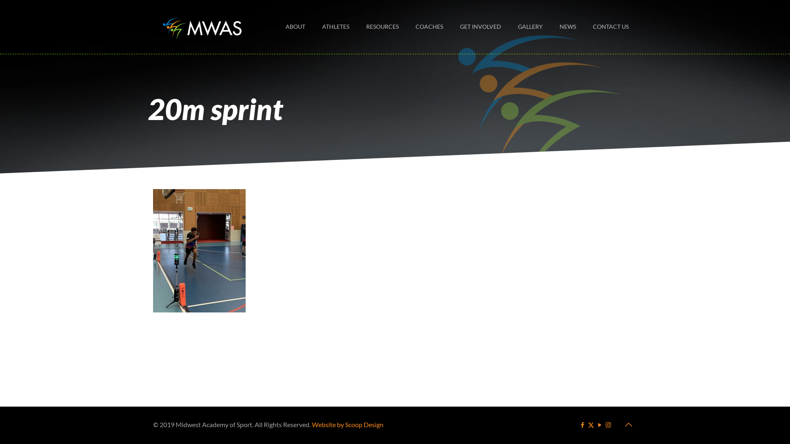 This screenshot has width=790, height=444. What do you see at coordinates (530, 26) in the screenshot?
I see `'GALLERY'` at bounding box center [530, 26].